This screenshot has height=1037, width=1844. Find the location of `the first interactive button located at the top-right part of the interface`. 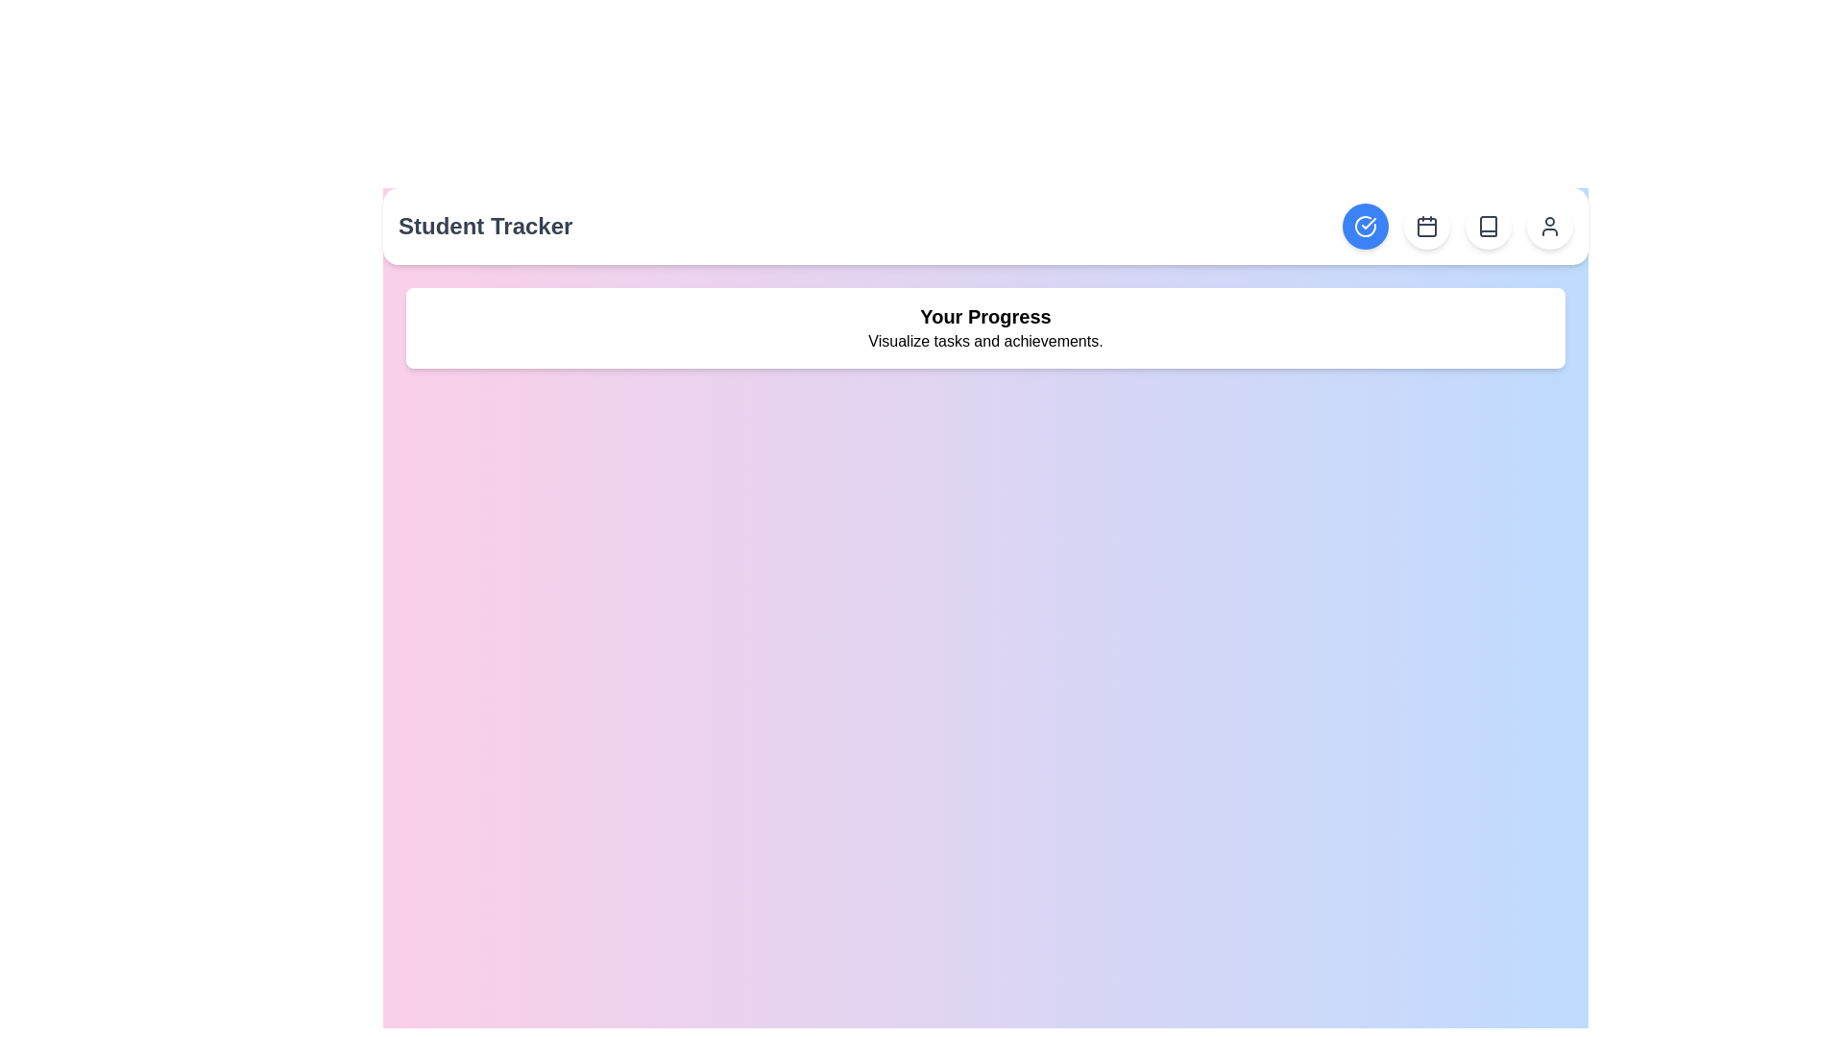

the first interactive button located at the top-right part of the interface is located at coordinates (1364, 225).